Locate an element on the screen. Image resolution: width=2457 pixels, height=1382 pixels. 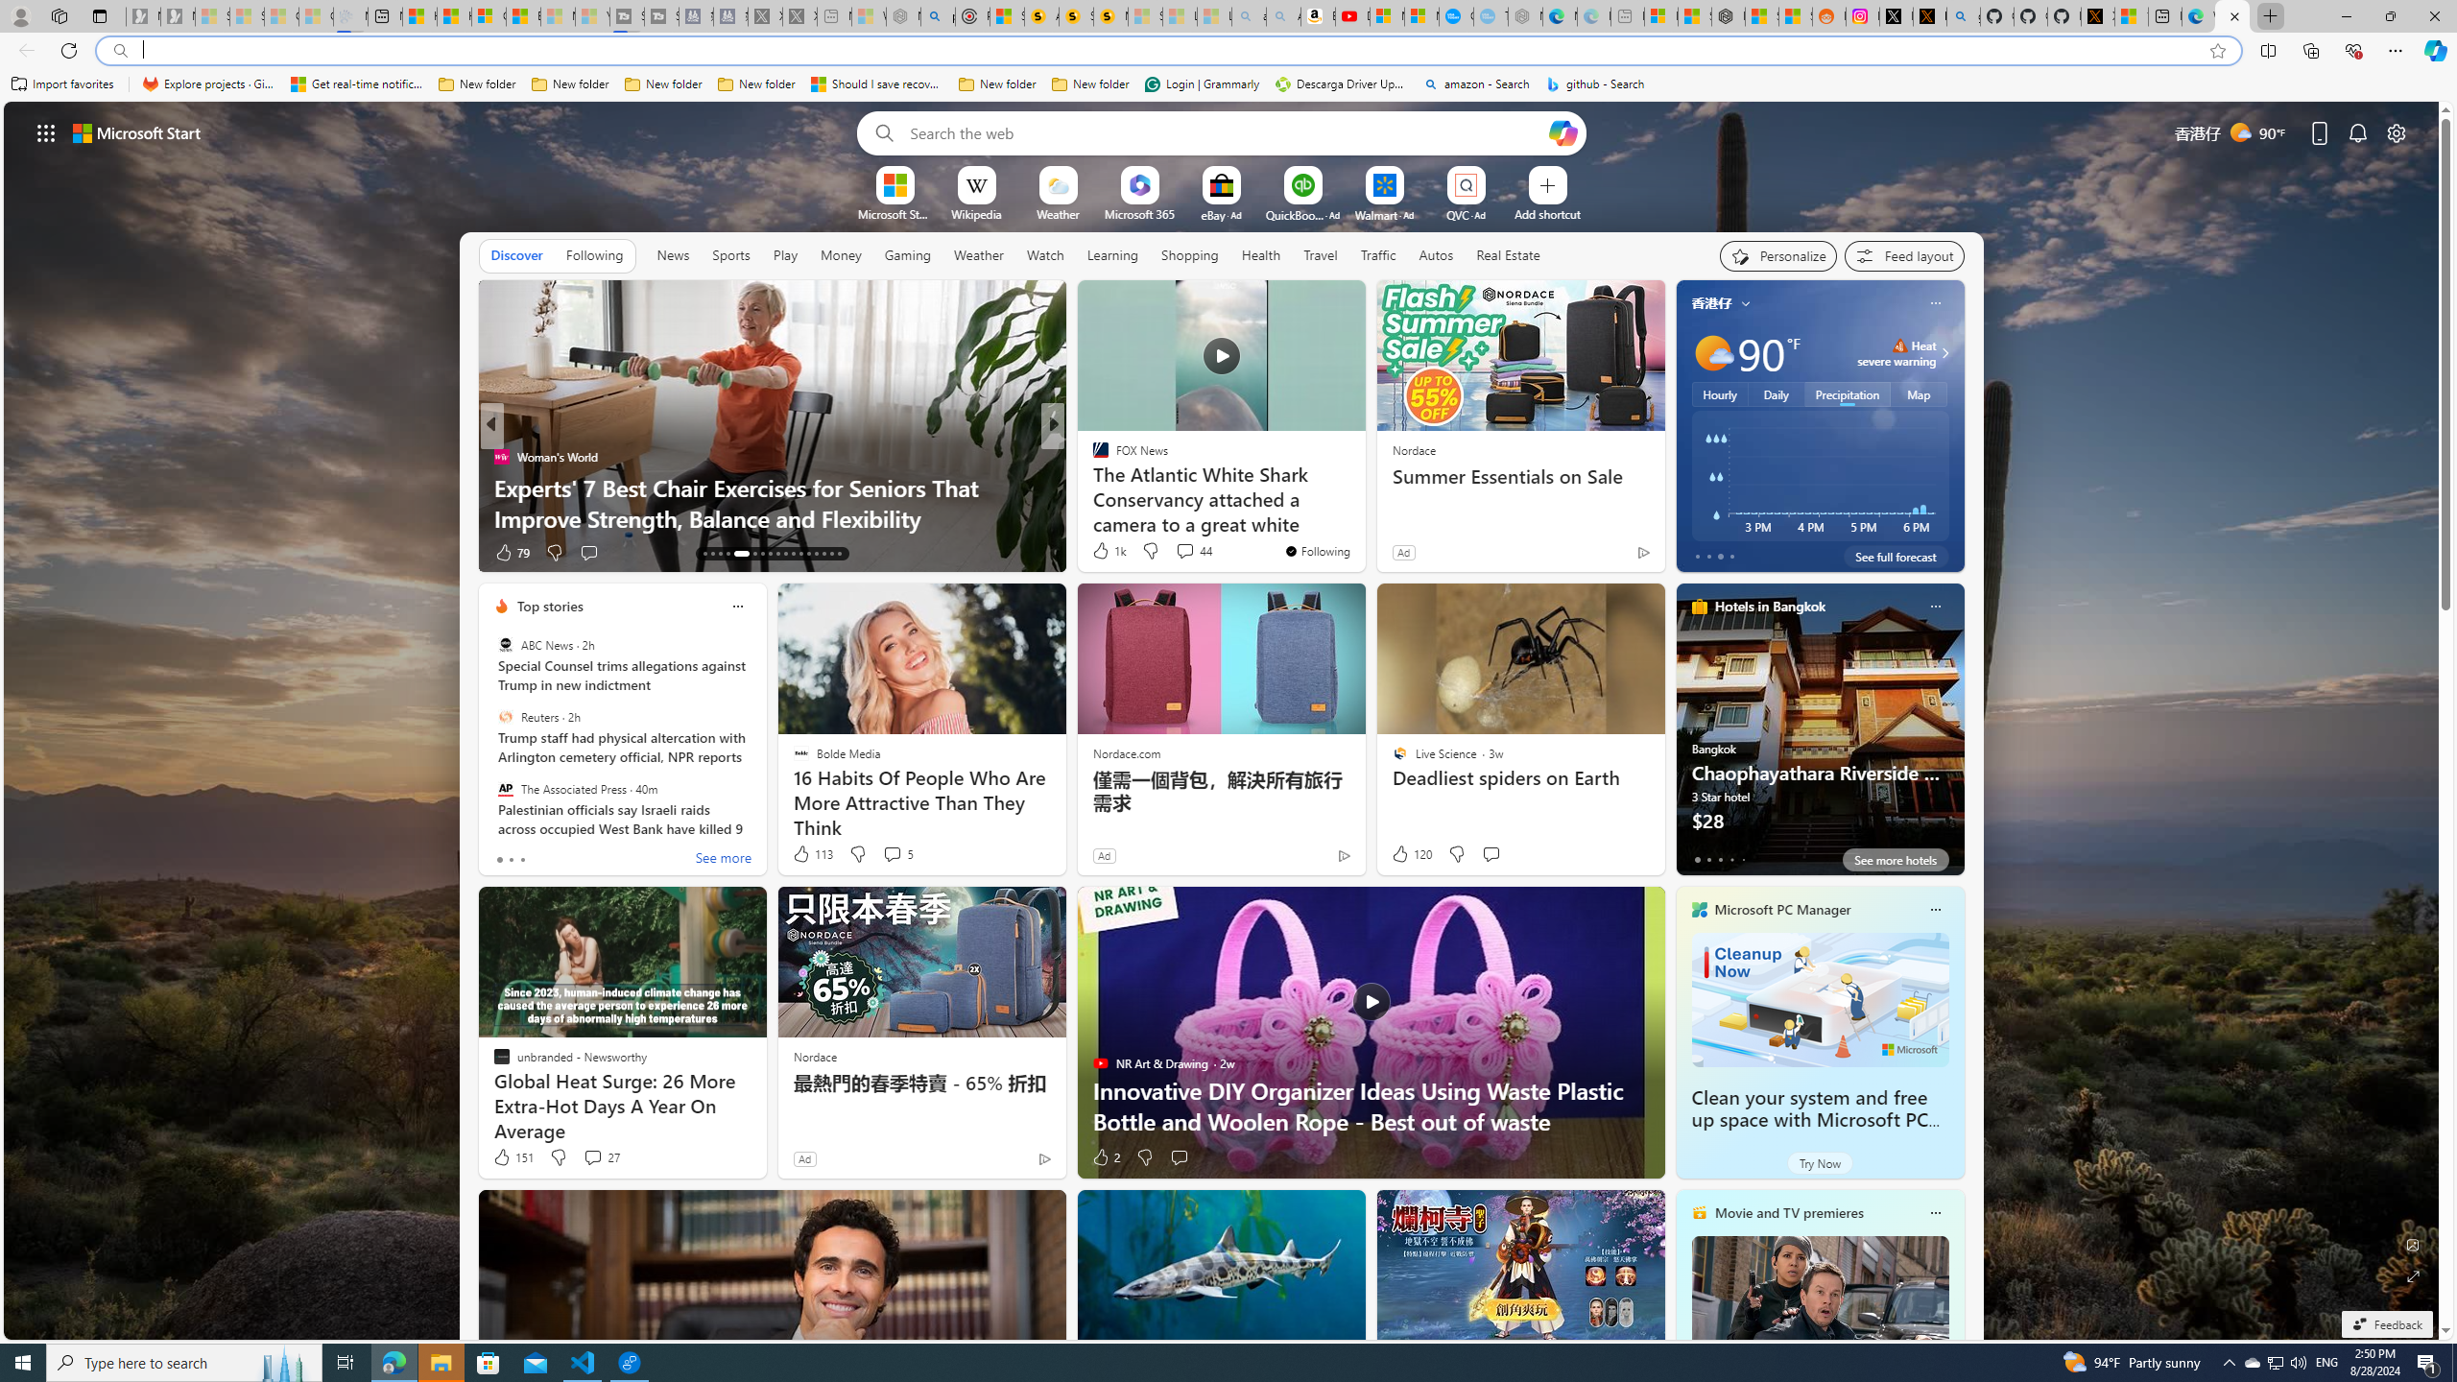
'AutomationID: tab-15' is located at coordinates (720, 554).